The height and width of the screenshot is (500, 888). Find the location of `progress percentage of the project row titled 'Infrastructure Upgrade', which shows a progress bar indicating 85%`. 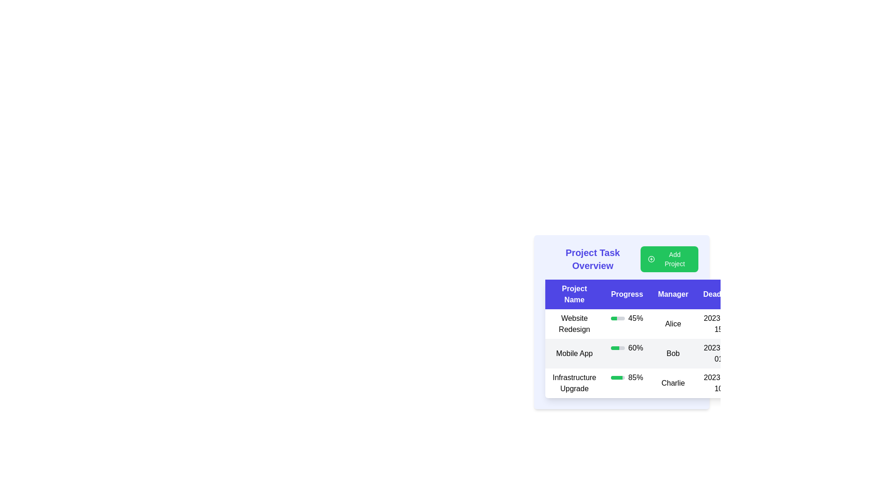

progress percentage of the project row titled 'Infrastructure Upgrade', which shows a progress bar indicating 85% is located at coordinates (643, 383).